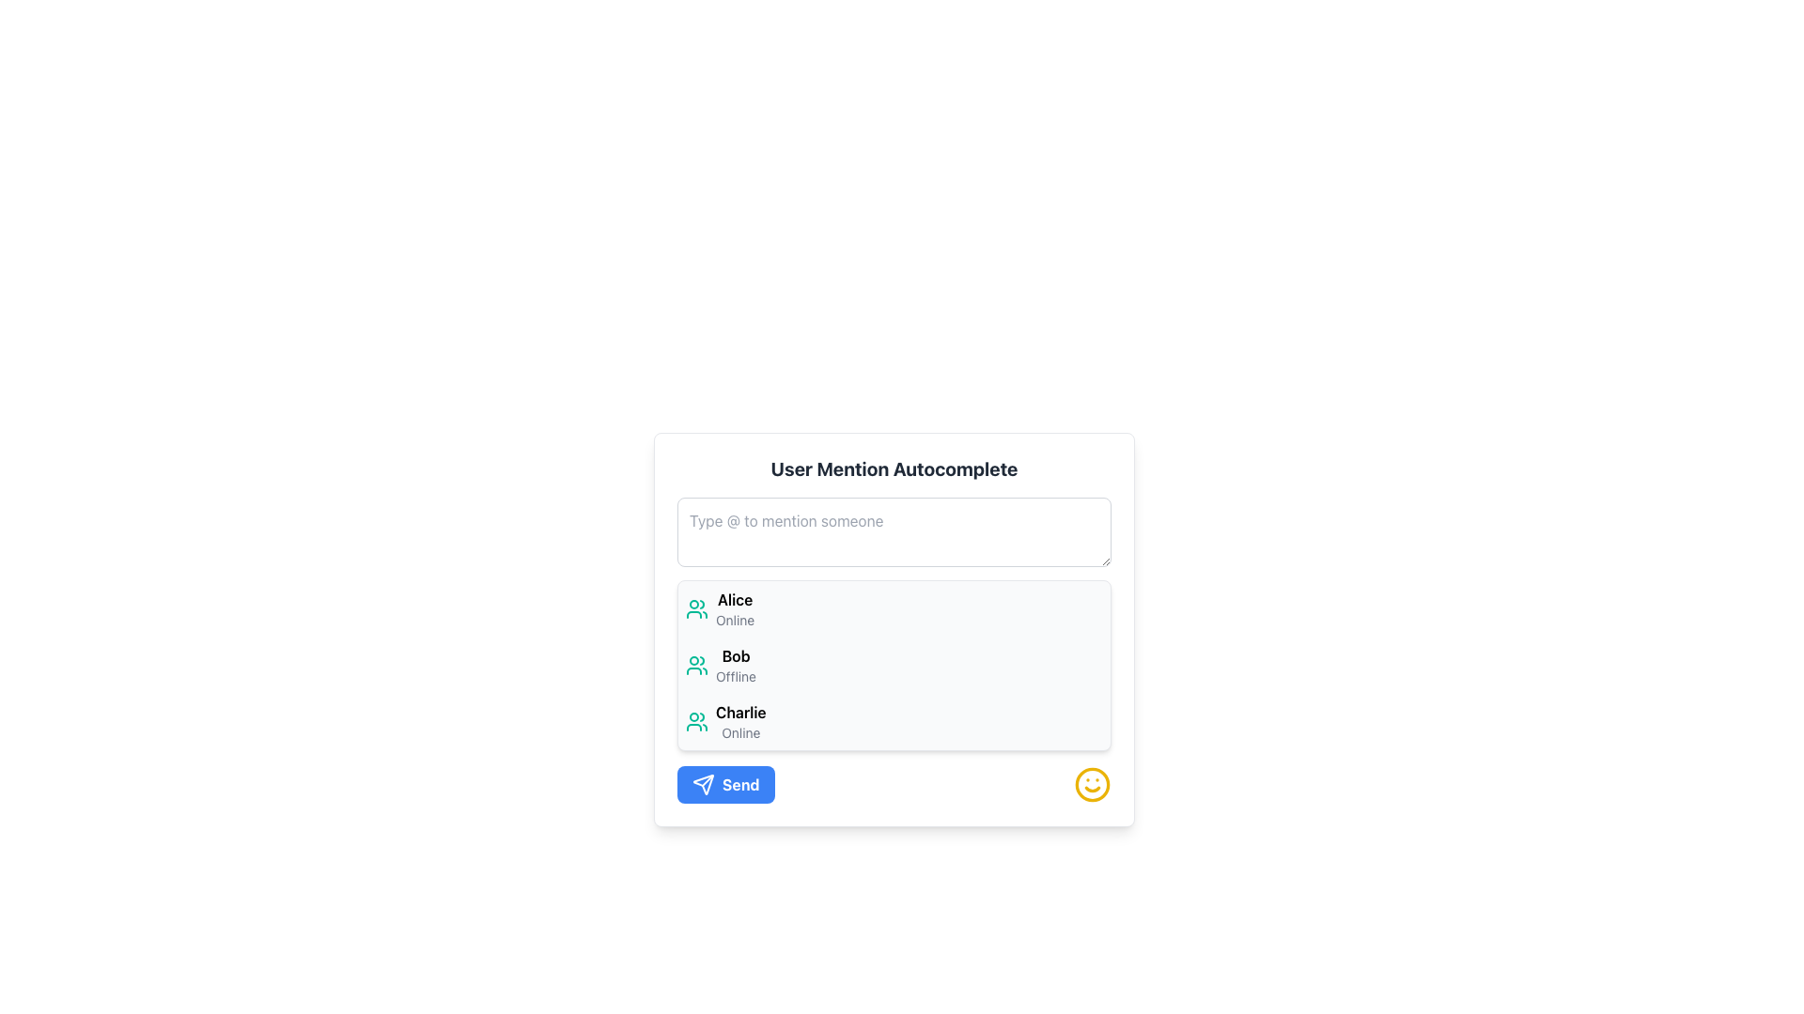 The height and width of the screenshot is (1014, 1804). What do you see at coordinates (734, 620) in the screenshot?
I see `the online status text label located directly below the name 'Alice' in the user mention autocomplete interface` at bounding box center [734, 620].